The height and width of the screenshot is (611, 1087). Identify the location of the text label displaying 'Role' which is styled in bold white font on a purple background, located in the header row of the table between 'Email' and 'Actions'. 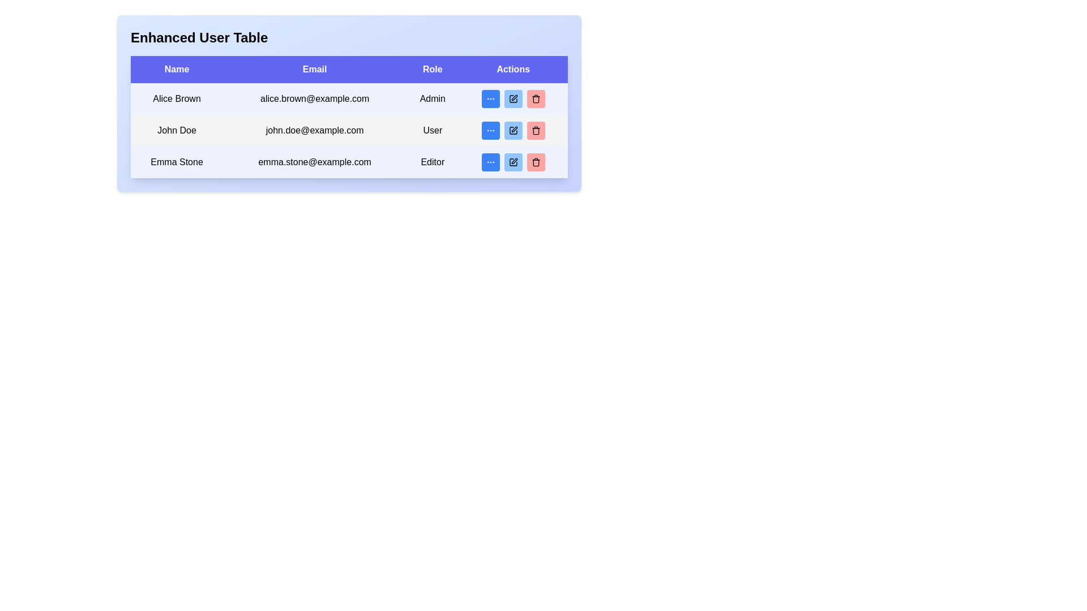
(432, 70).